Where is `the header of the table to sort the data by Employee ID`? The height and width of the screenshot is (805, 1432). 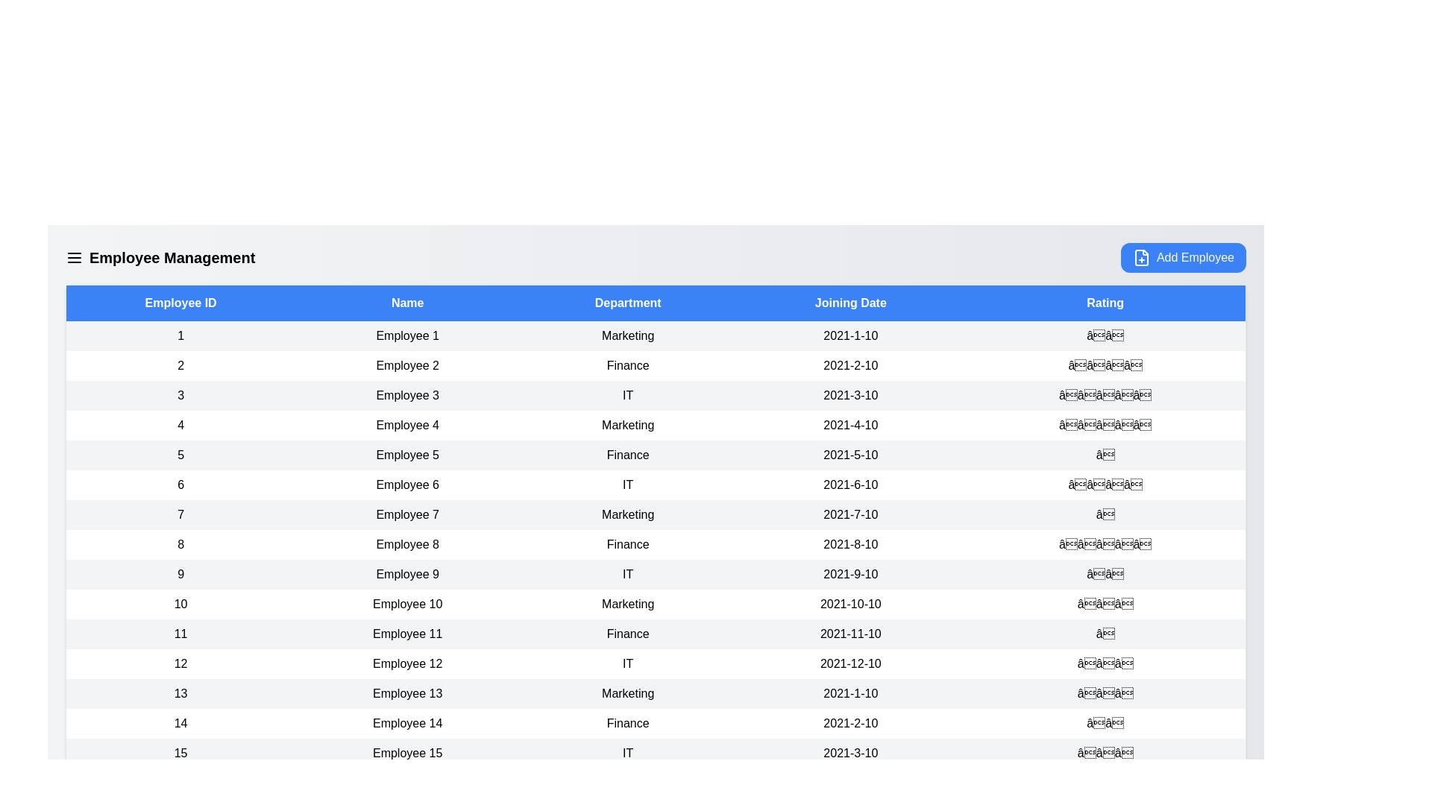 the header of the table to sort the data by Employee ID is located at coordinates (179, 303).